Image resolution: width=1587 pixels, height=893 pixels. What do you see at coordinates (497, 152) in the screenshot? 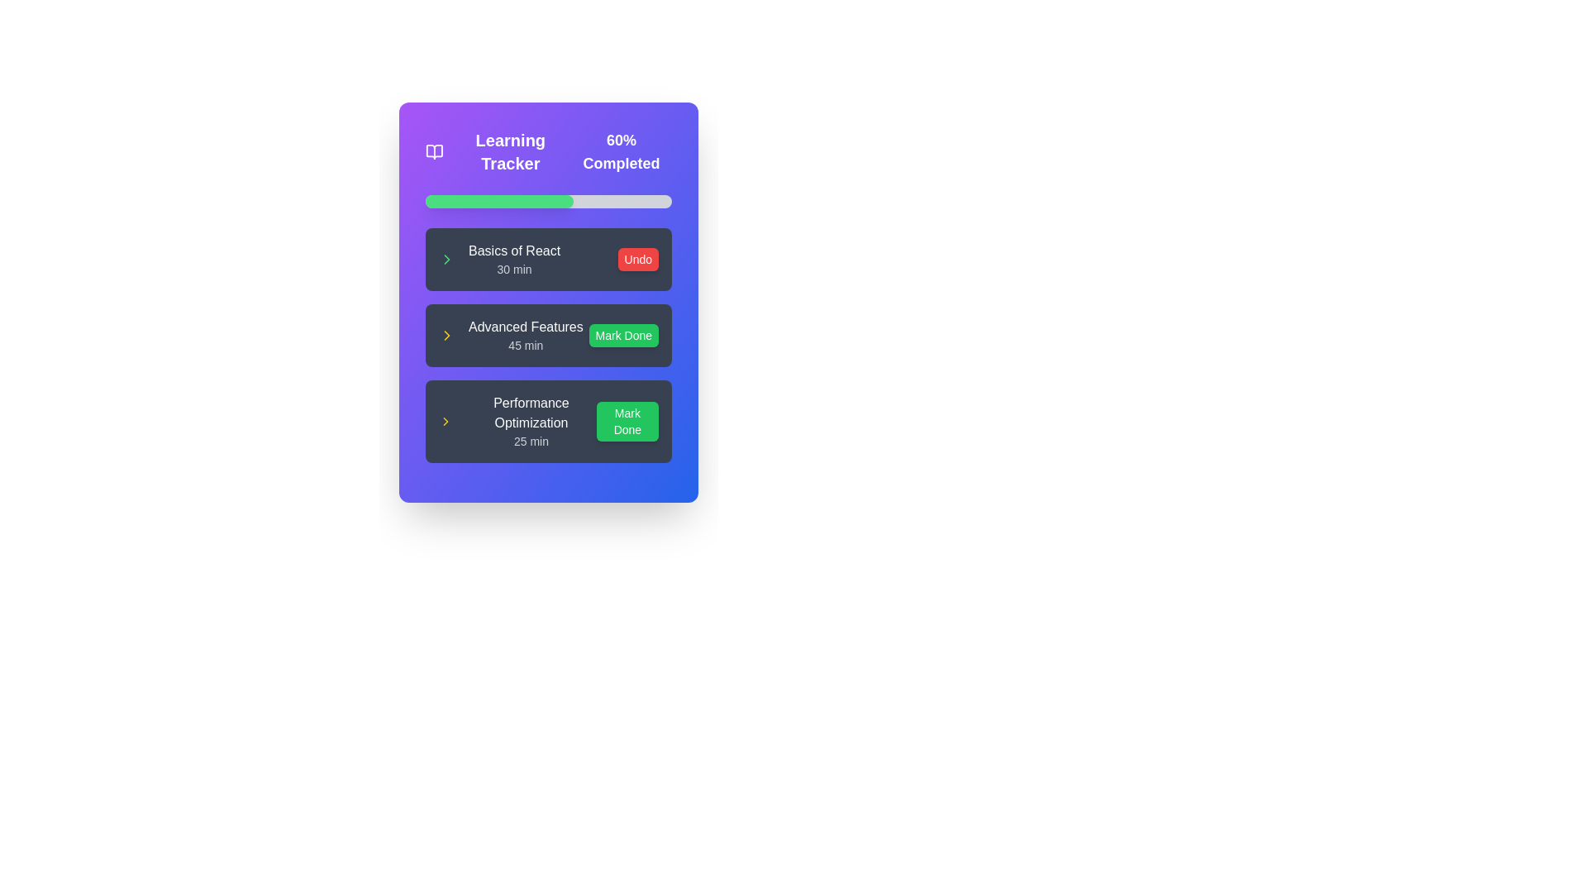
I see `the bold header text 'Learning Tracker' with an open book icon on its left, styled in white against a purple background` at bounding box center [497, 152].